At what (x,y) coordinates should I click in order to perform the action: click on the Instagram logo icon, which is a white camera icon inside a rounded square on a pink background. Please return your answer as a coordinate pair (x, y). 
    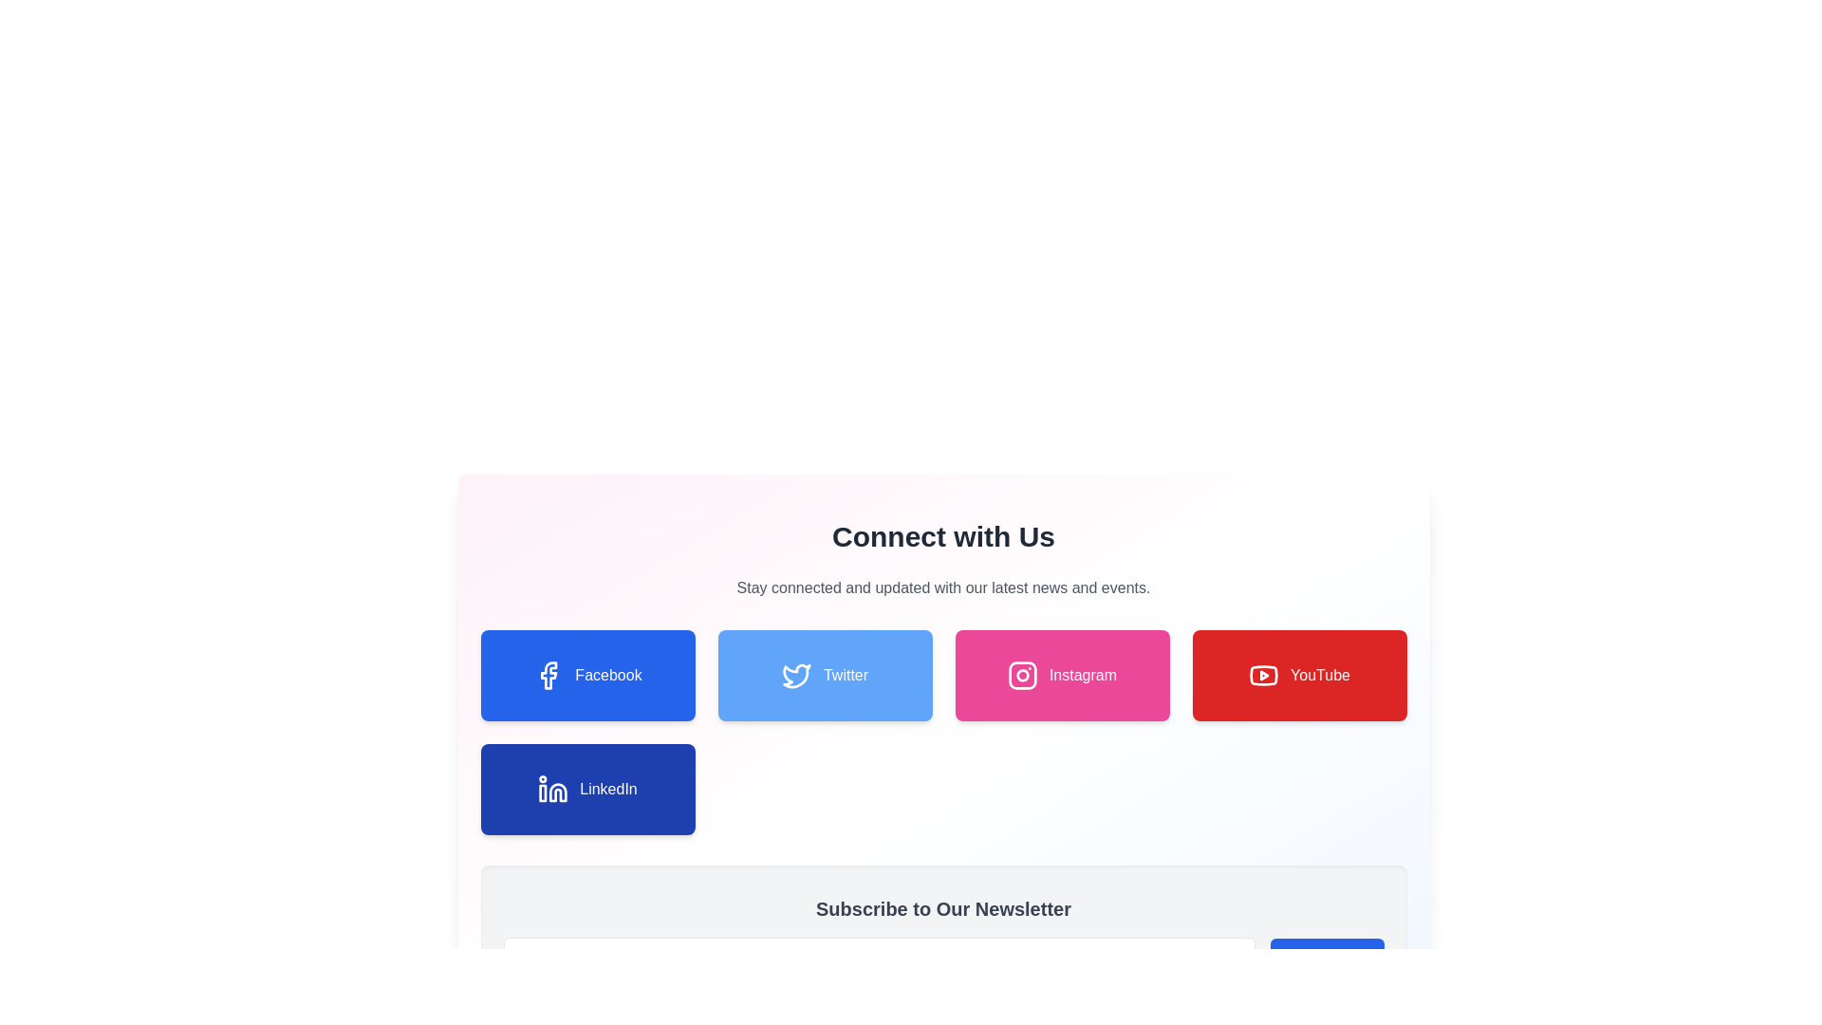
    Looking at the image, I should click on (1021, 675).